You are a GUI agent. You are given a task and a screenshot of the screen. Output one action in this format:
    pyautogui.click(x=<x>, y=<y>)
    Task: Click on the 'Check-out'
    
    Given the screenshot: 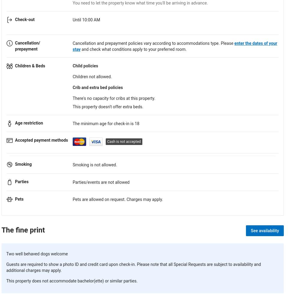 What is the action you would take?
    pyautogui.click(x=15, y=19)
    